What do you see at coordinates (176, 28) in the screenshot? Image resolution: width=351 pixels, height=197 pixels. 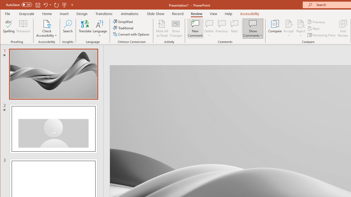 I see `'Show Changes'` at bounding box center [176, 28].